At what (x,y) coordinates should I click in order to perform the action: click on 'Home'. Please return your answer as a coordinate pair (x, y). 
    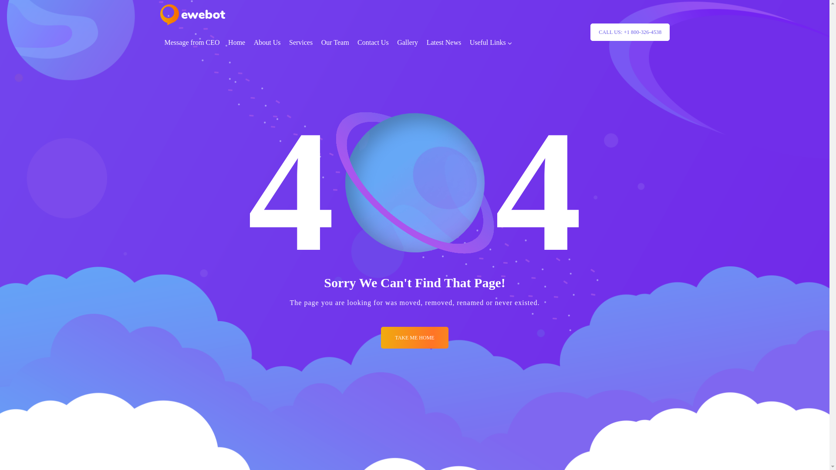
    Looking at the image, I should click on (236, 42).